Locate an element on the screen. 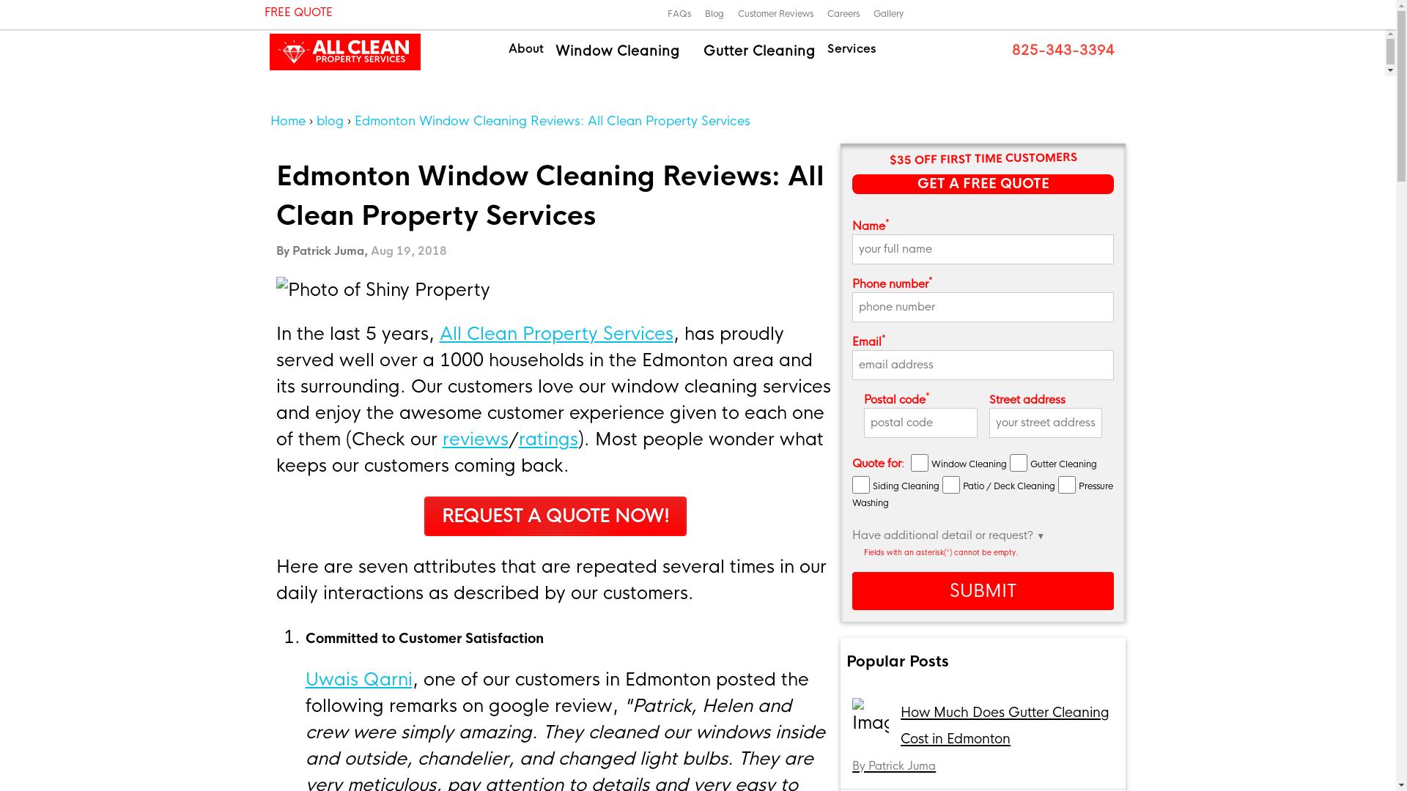 The image size is (1407, 791). 'About' is located at coordinates (526, 51).